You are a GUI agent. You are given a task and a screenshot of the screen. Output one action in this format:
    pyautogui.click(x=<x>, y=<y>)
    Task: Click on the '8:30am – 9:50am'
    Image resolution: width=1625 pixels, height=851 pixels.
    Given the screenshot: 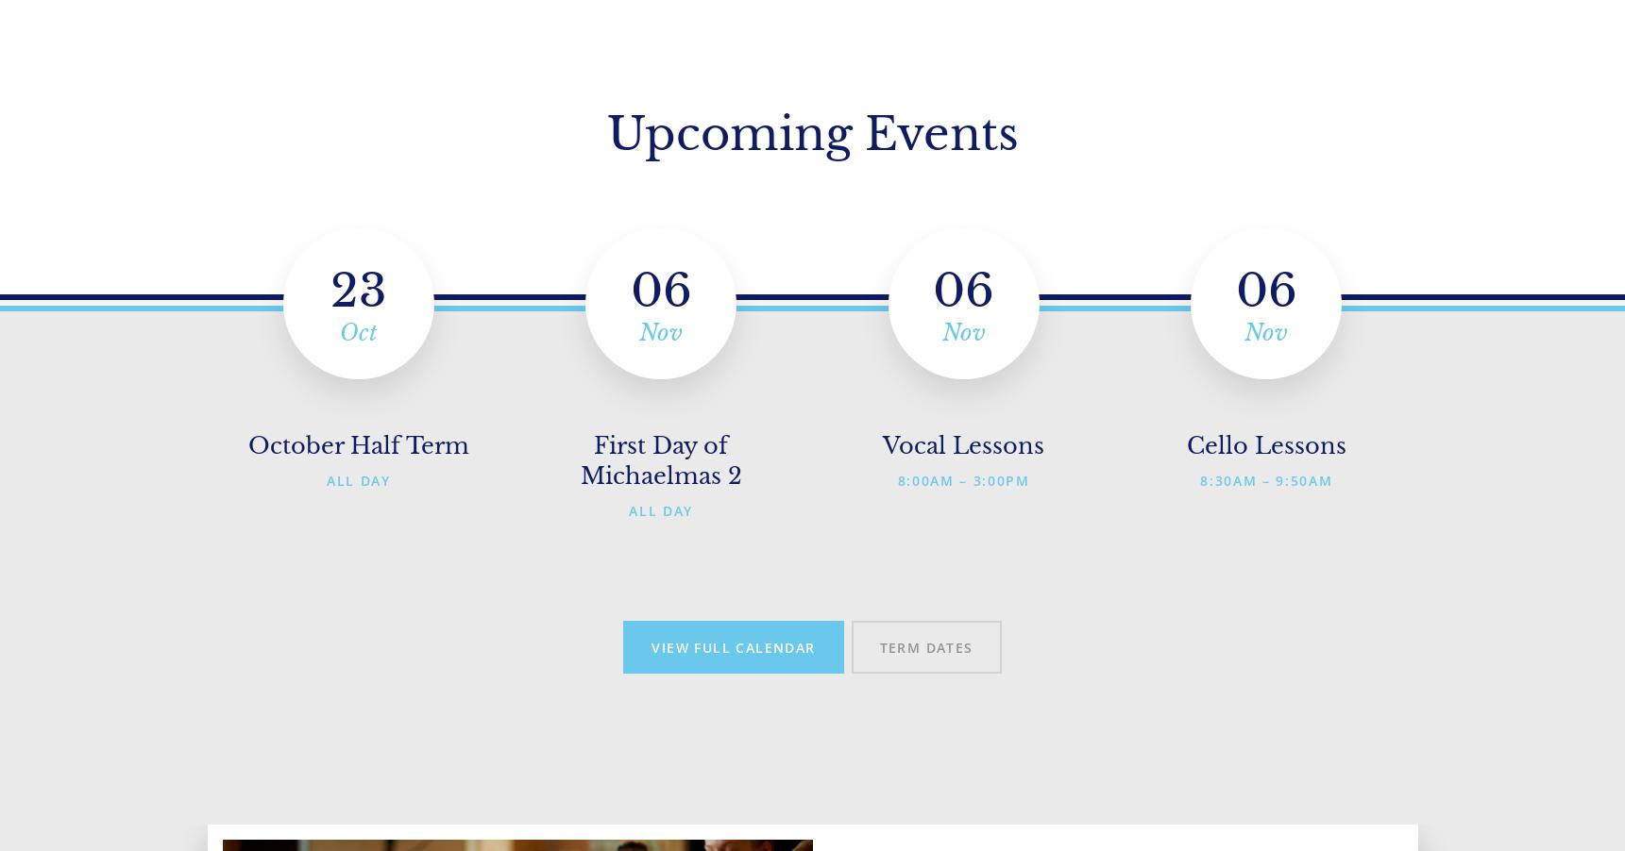 What is the action you would take?
    pyautogui.click(x=1265, y=479)
    